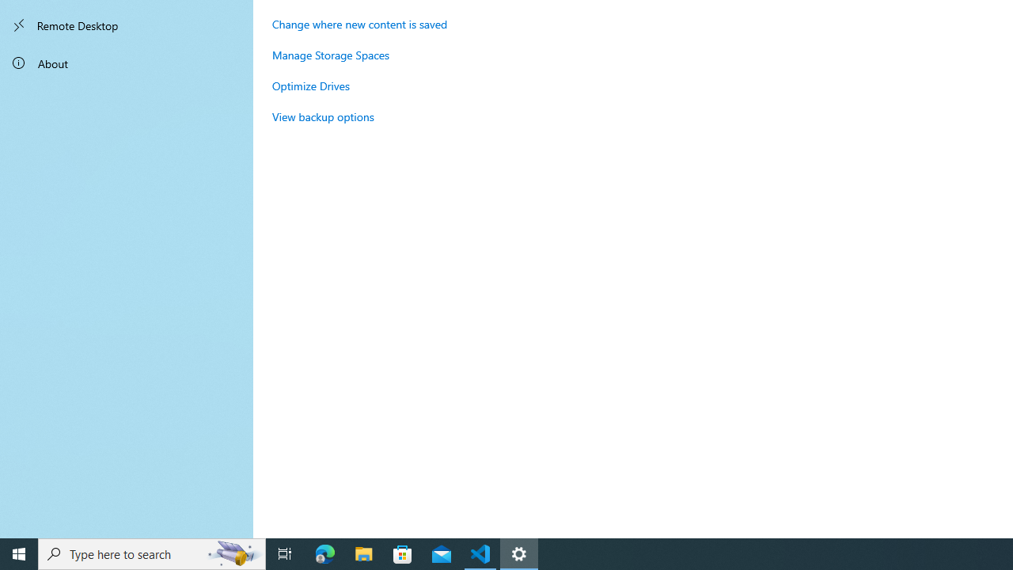  What do you see at coordinates (329, 54) in the screenshot?
I see `'Manage Storage Spaces'` at bounding box center [329, 54].